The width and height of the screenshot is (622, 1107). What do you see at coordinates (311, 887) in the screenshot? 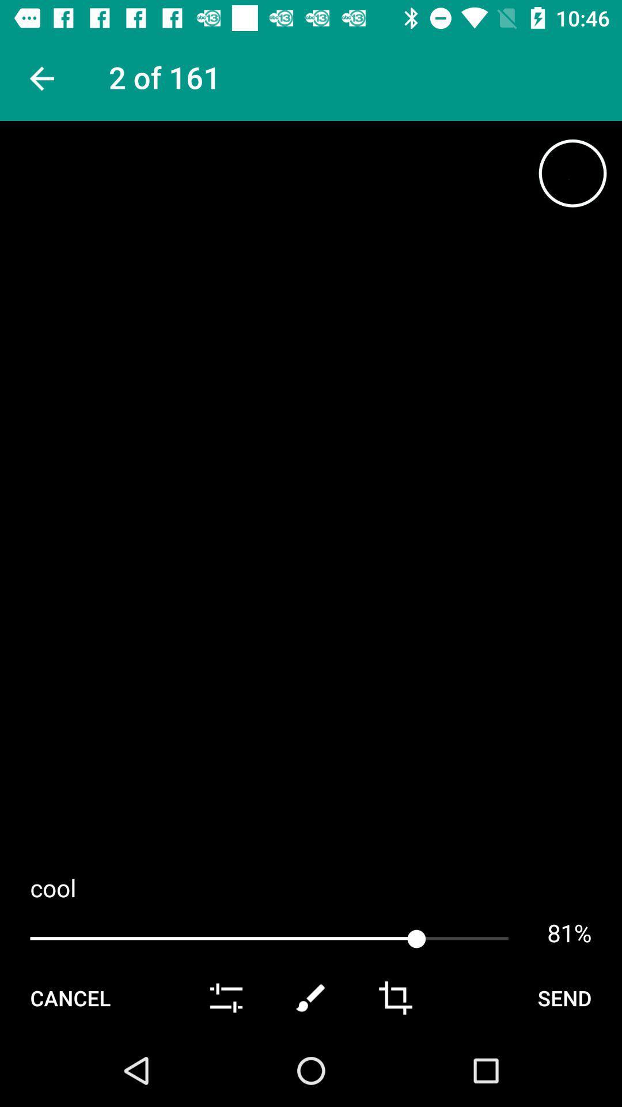
I see `cool app` at bounding box center [311, 887].